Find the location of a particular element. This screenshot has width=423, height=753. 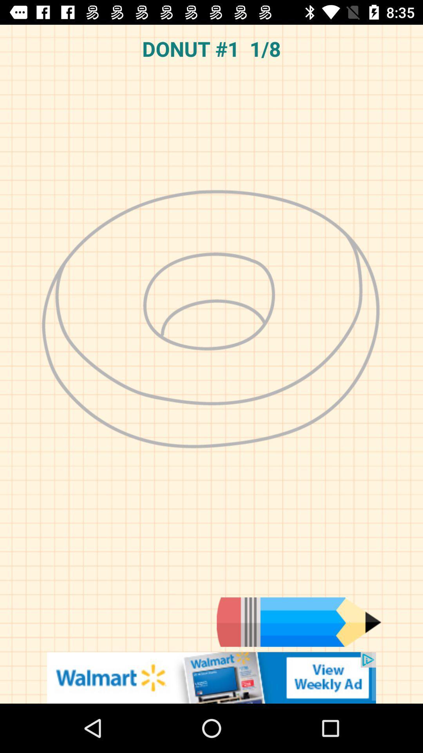

into is located at coordinates (299, 622).